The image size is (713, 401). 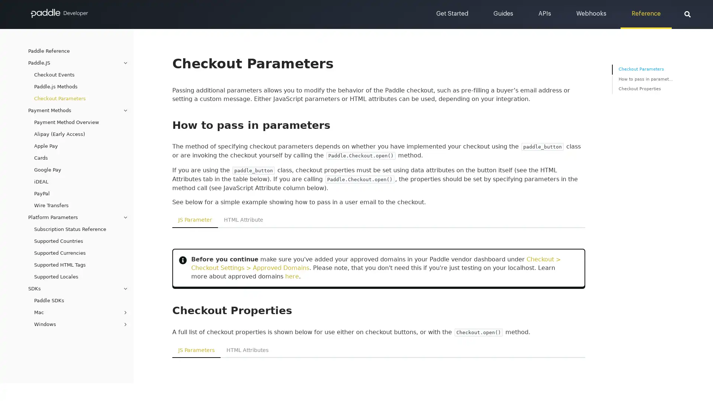 I want to click on Open Search, so click(x=687, y=14).